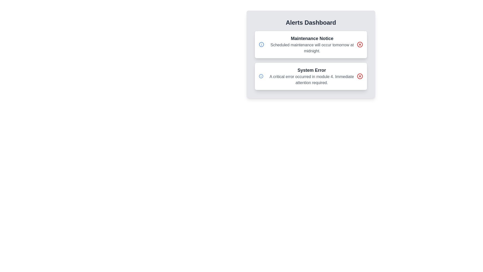 This screenshot has height=272, width=483. Describe the element at coordinates (311, 76) in the screenshot. I see `description of the 'System Error' text block located in the second notification card of the 'Alerts Dashboard' interface` at that location.